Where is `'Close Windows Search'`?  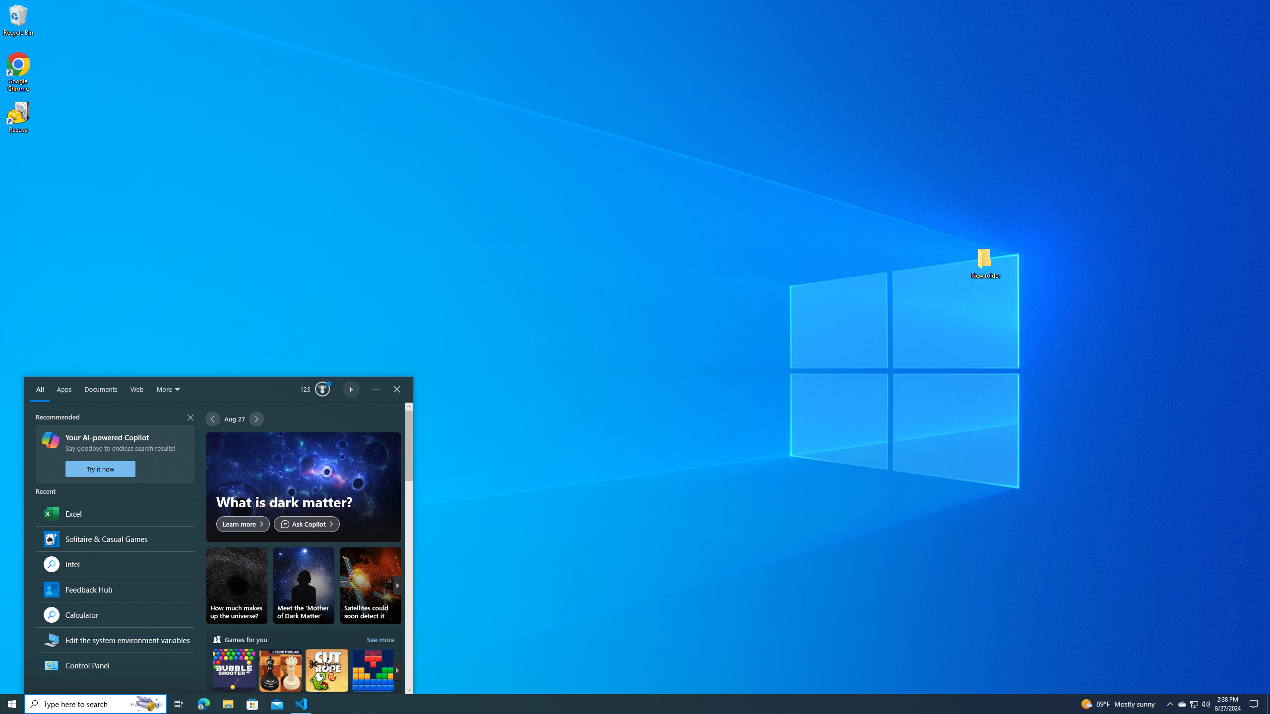
'Close Windows Search' is located at coordinates (396, 389).